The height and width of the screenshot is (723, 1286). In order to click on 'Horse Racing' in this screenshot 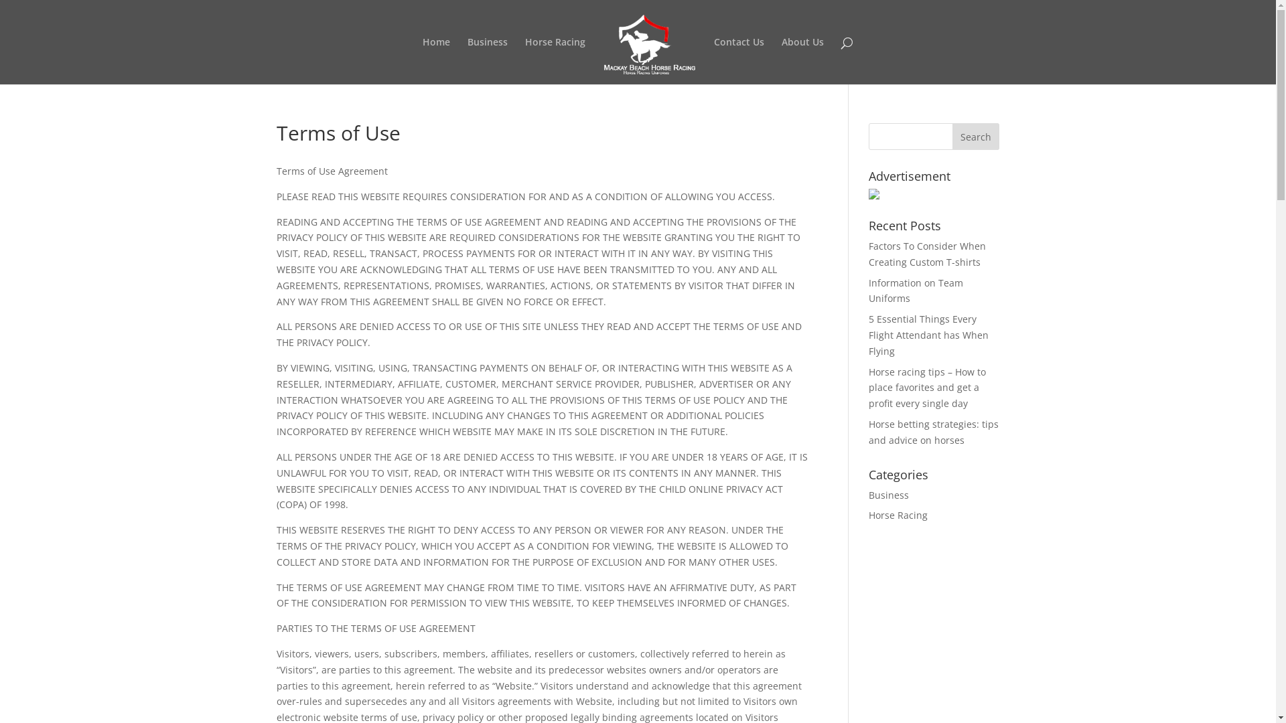, I will do `click(555, 61)`.